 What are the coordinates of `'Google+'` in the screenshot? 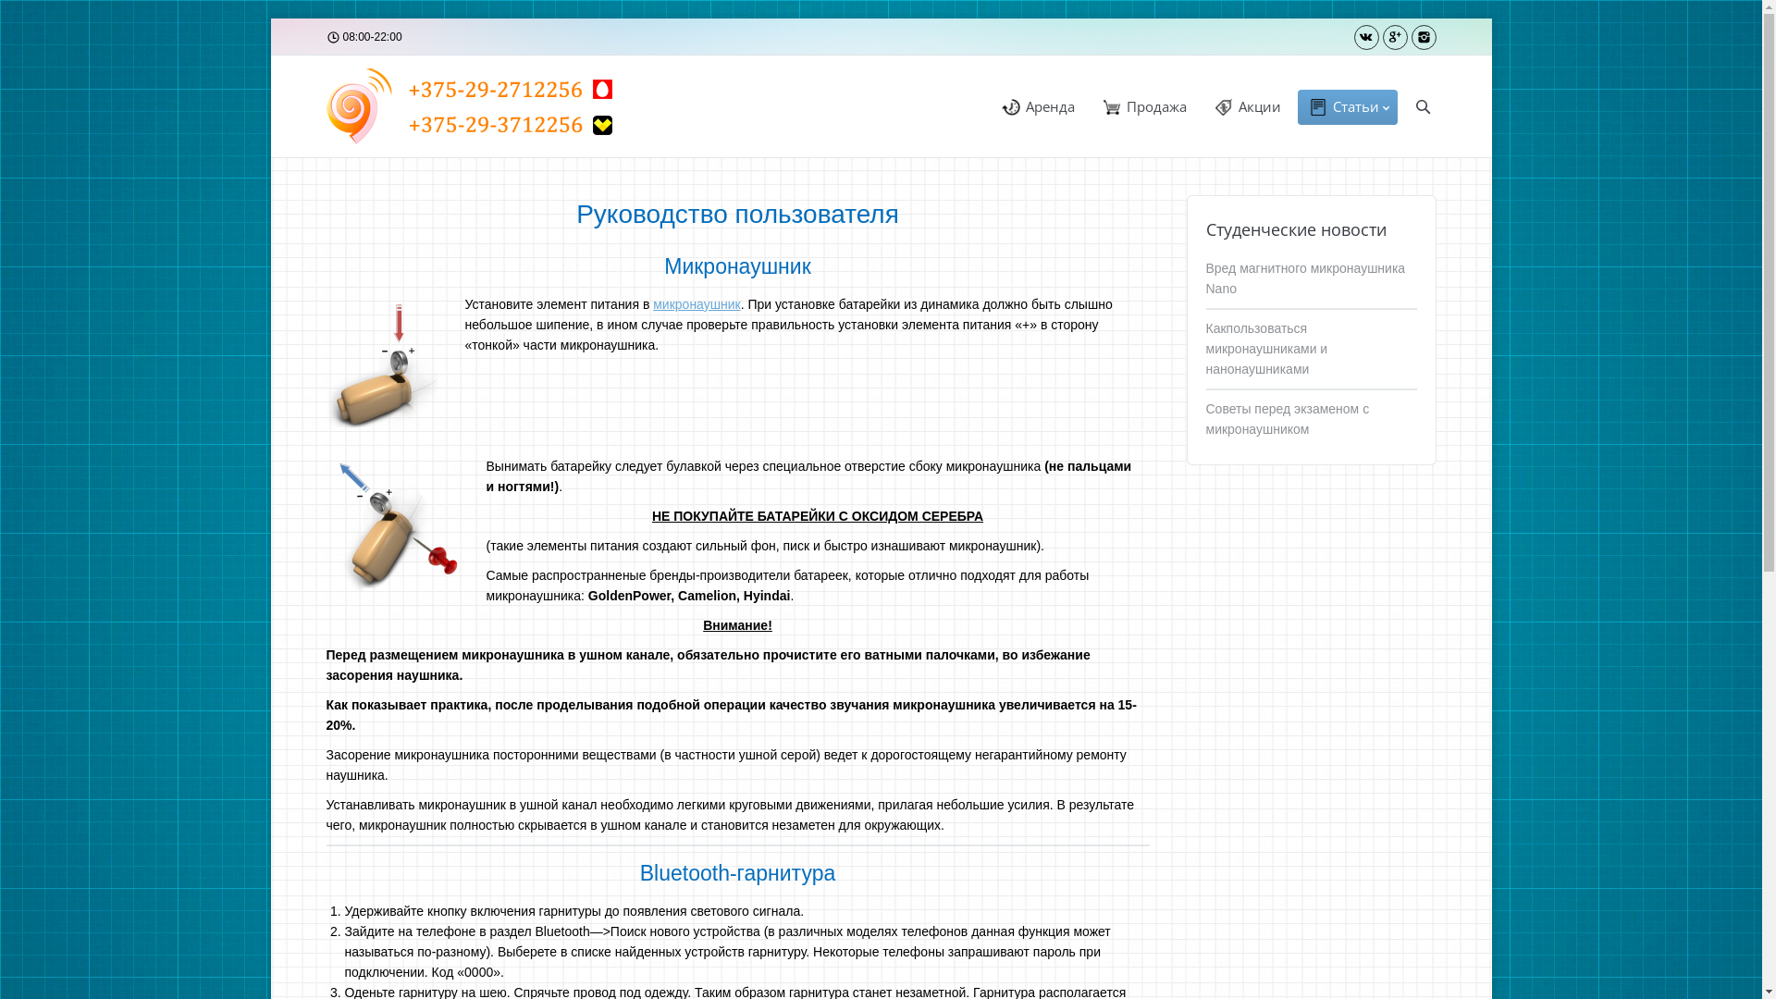 It's located at (1394, 37).